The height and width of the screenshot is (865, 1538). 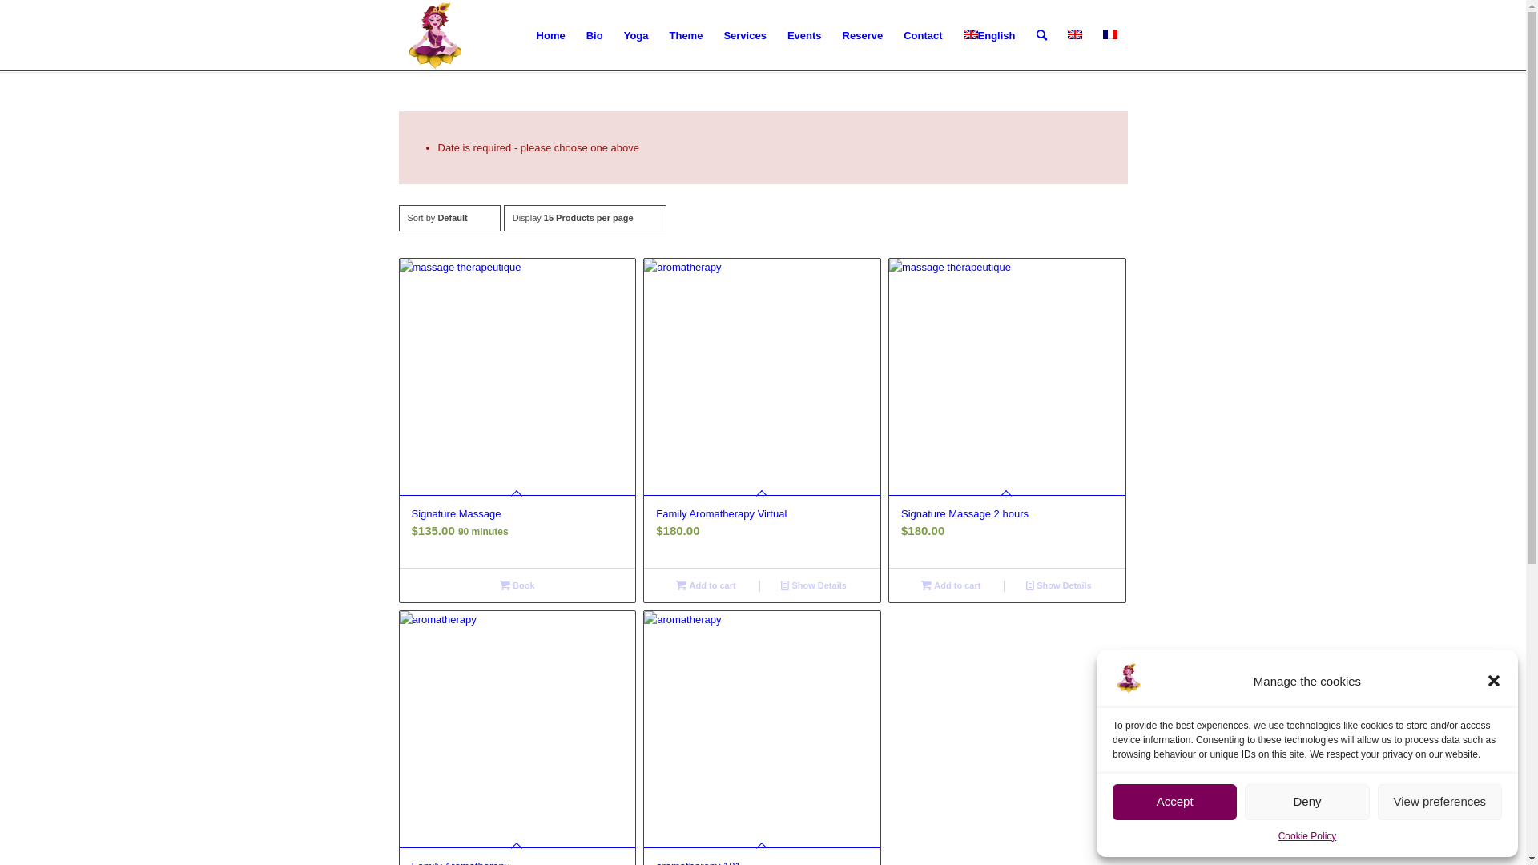 I want to click on 'Events', so click(x=776, y=36).